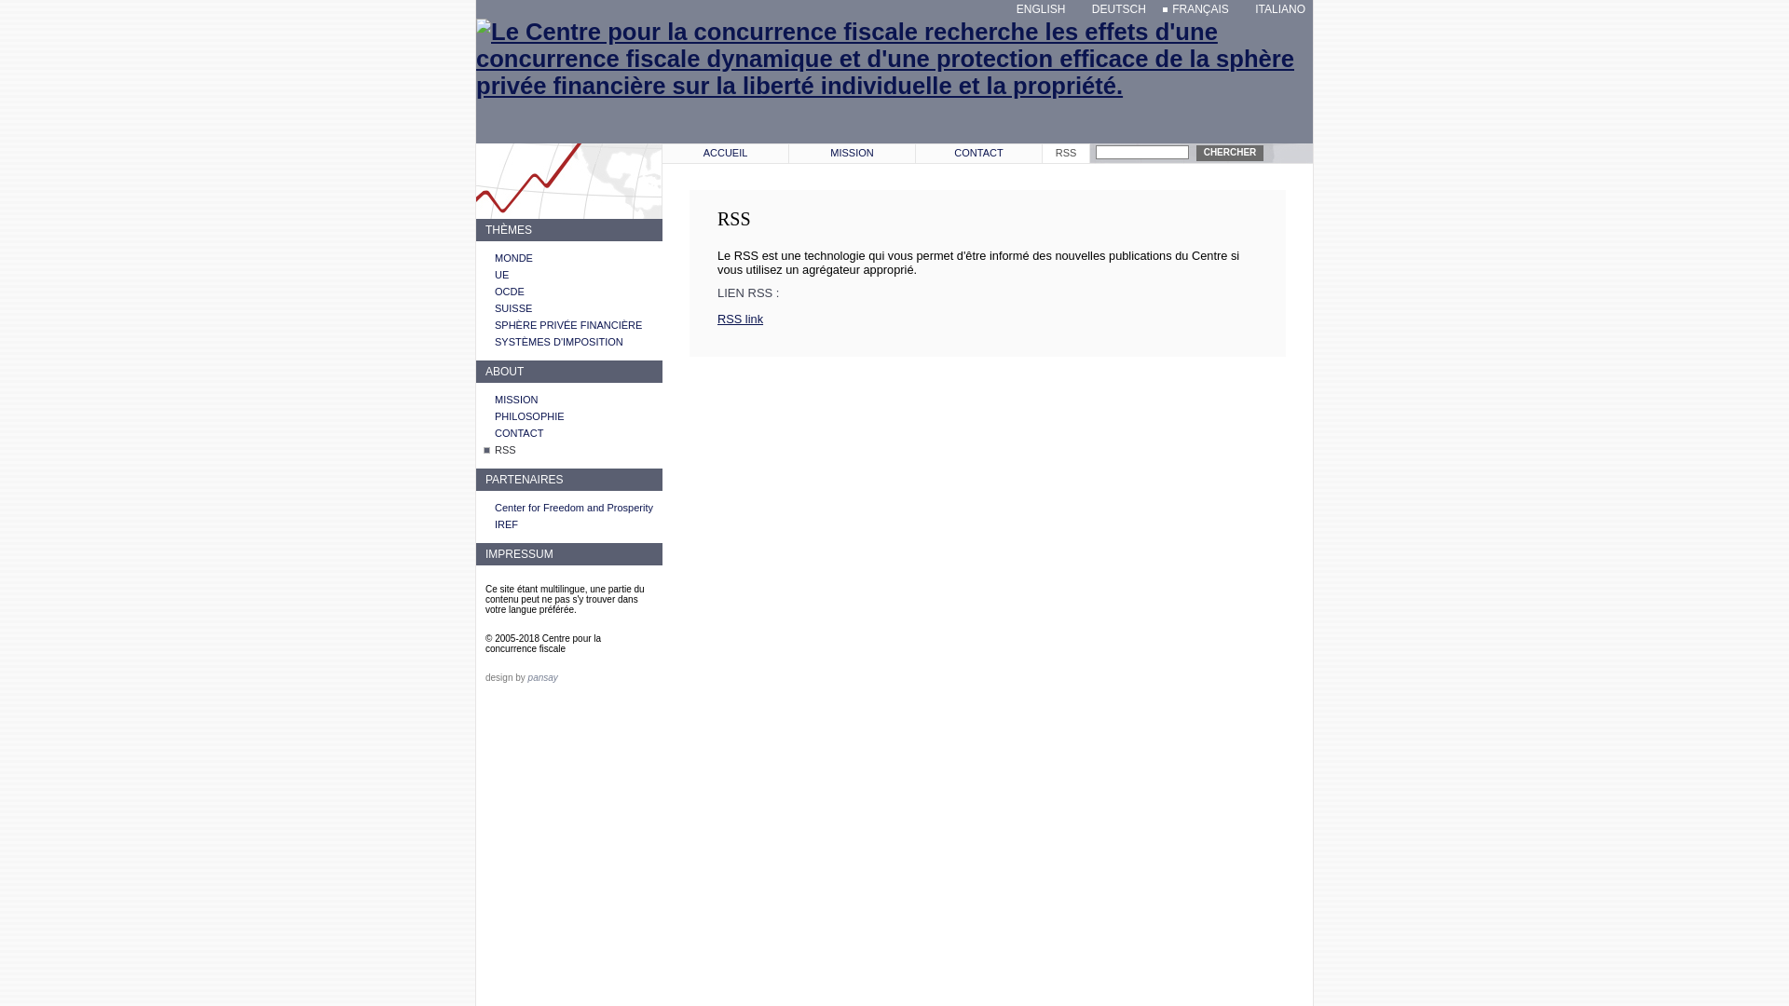  I want to click on 'ACCUEIL', so click(724, 153).